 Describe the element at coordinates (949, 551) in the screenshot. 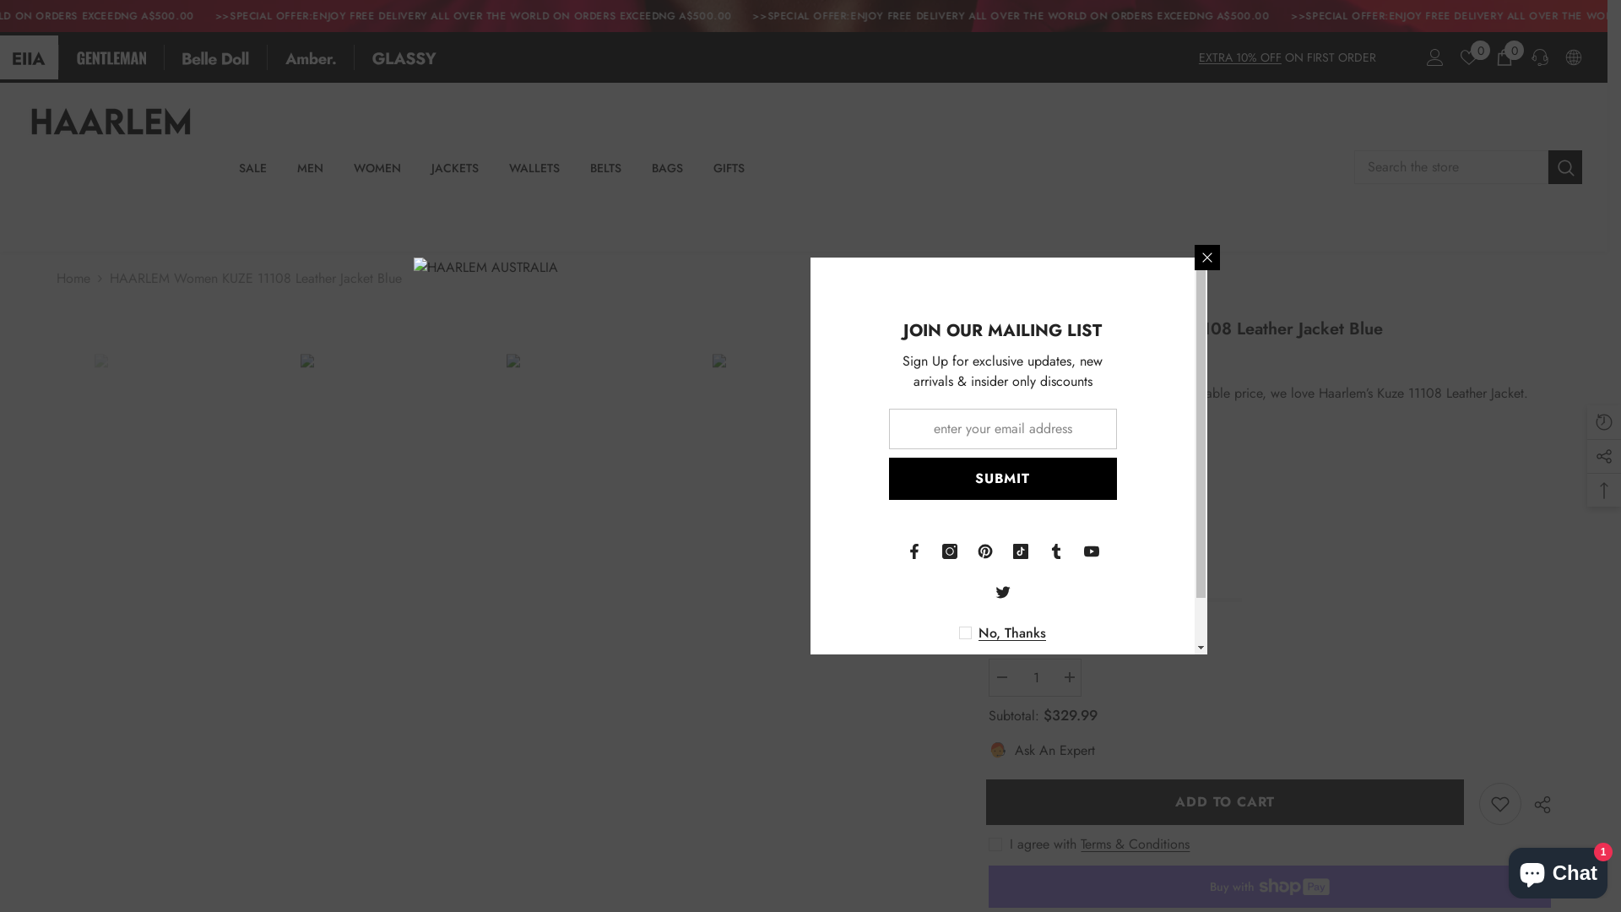

I see `'Instagram'` at that location.